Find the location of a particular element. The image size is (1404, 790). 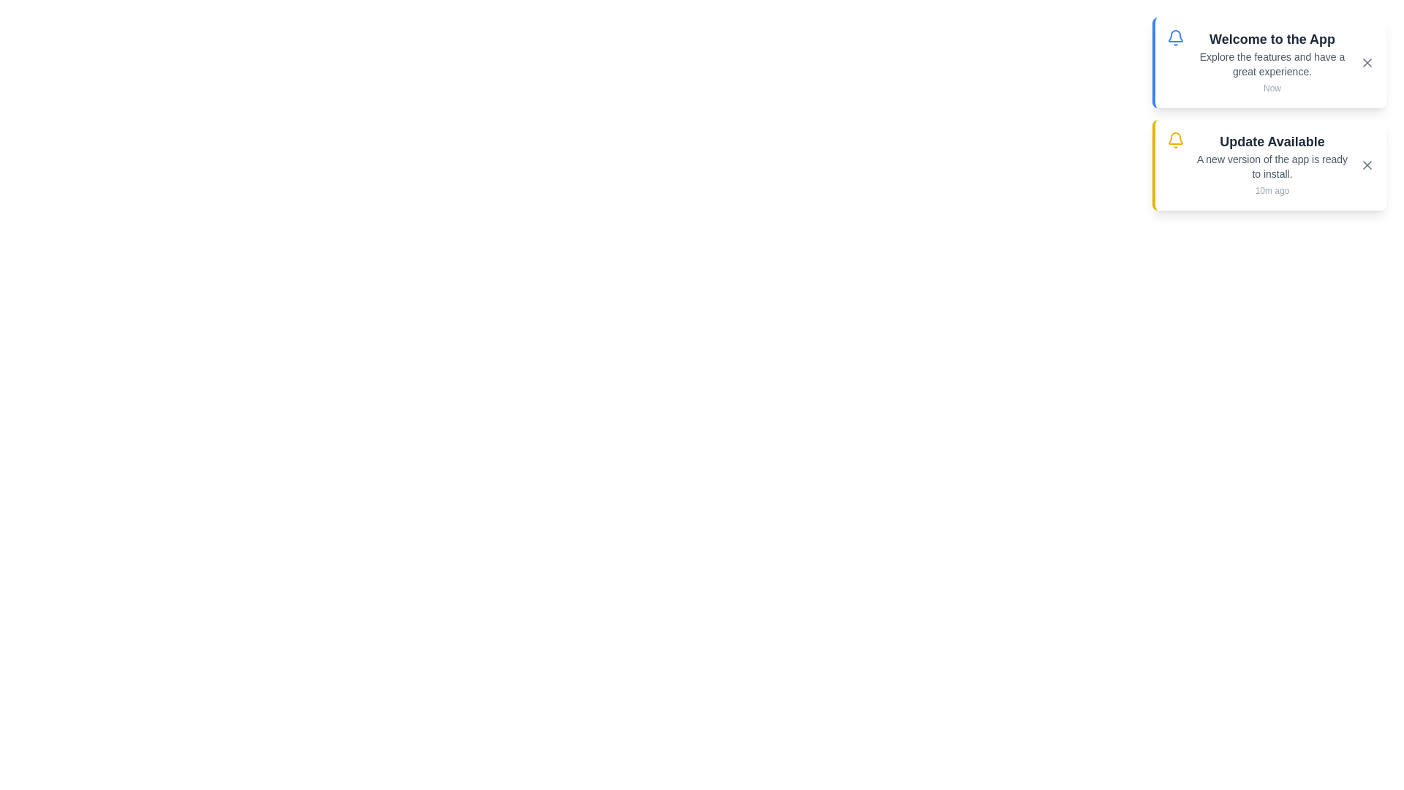

the notification 2 to observe hover effects is located at coordinates (1269, 165).